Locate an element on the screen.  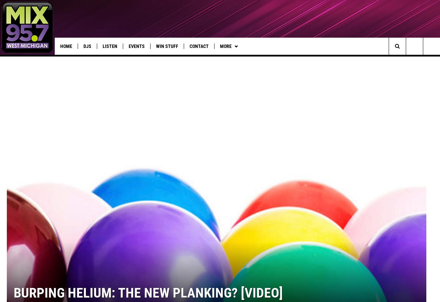
'Contact' is located at coordinates (199, 46).